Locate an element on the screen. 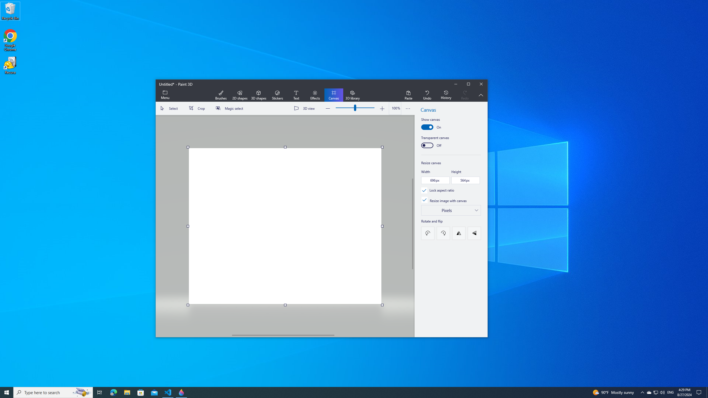 Image resolution: width=708 pixels, height=398 pixels. 'Start' is located at coordinates (7, 392).